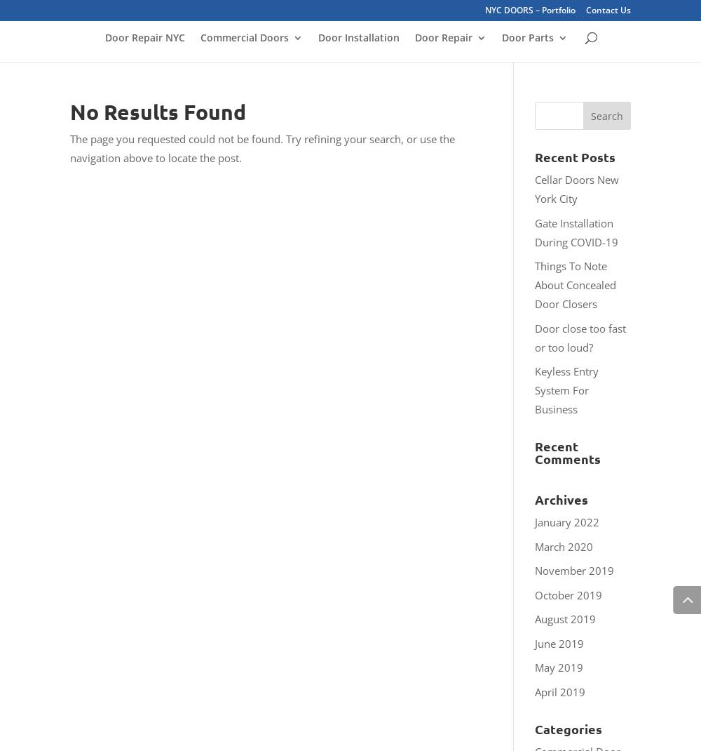 The image size is (701, 751). Describe the element at coordinates (535, 499) in the screenshot. I see `'Archives'` at that location.